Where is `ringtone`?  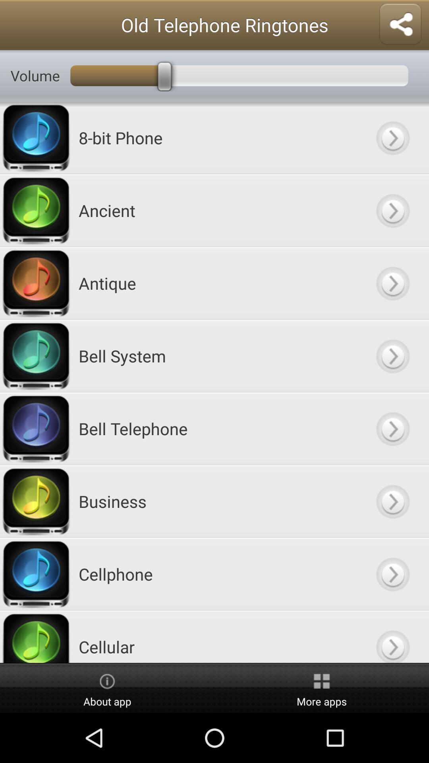
ringtone is located at coordinates (392, 210).